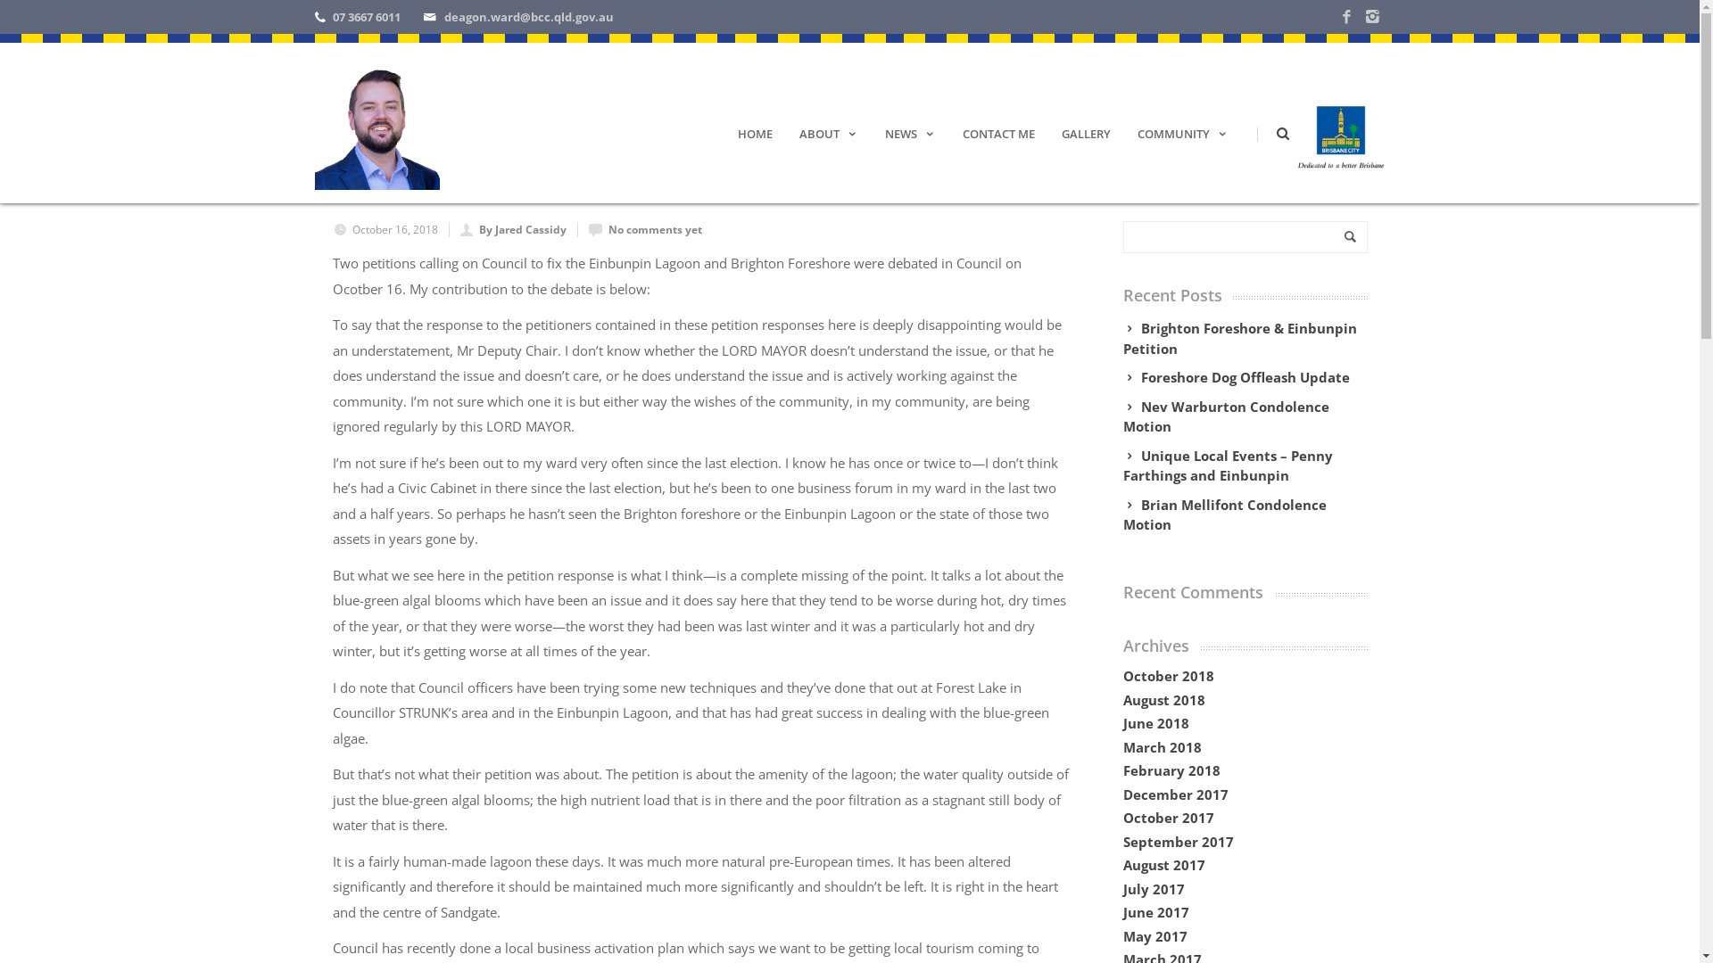  What do you see at coordinates (1168, 676) in the screenshot?
I see `'October 2018'` at bounding box center [1168, 676].